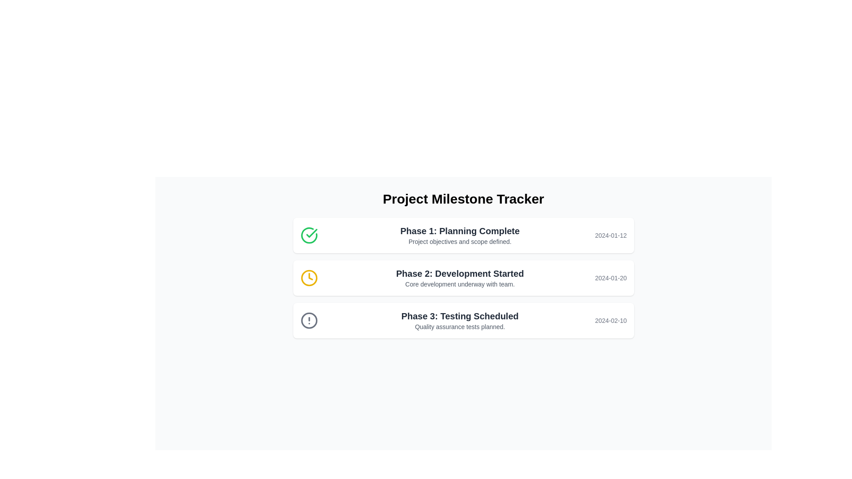  Describe the element at coordinates (610, 278) in the screenshot. I see `date information displayed in the Text label located on the right side of the 'Phase 2: Development Started' section, which shows the date 2024-01-20` at that location.